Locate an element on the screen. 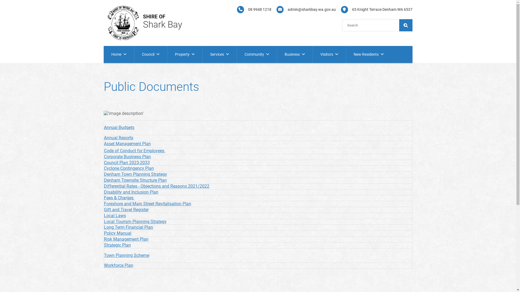 The image size is (520, 292). 'Local Laws' is located at coordinates (115, 215).